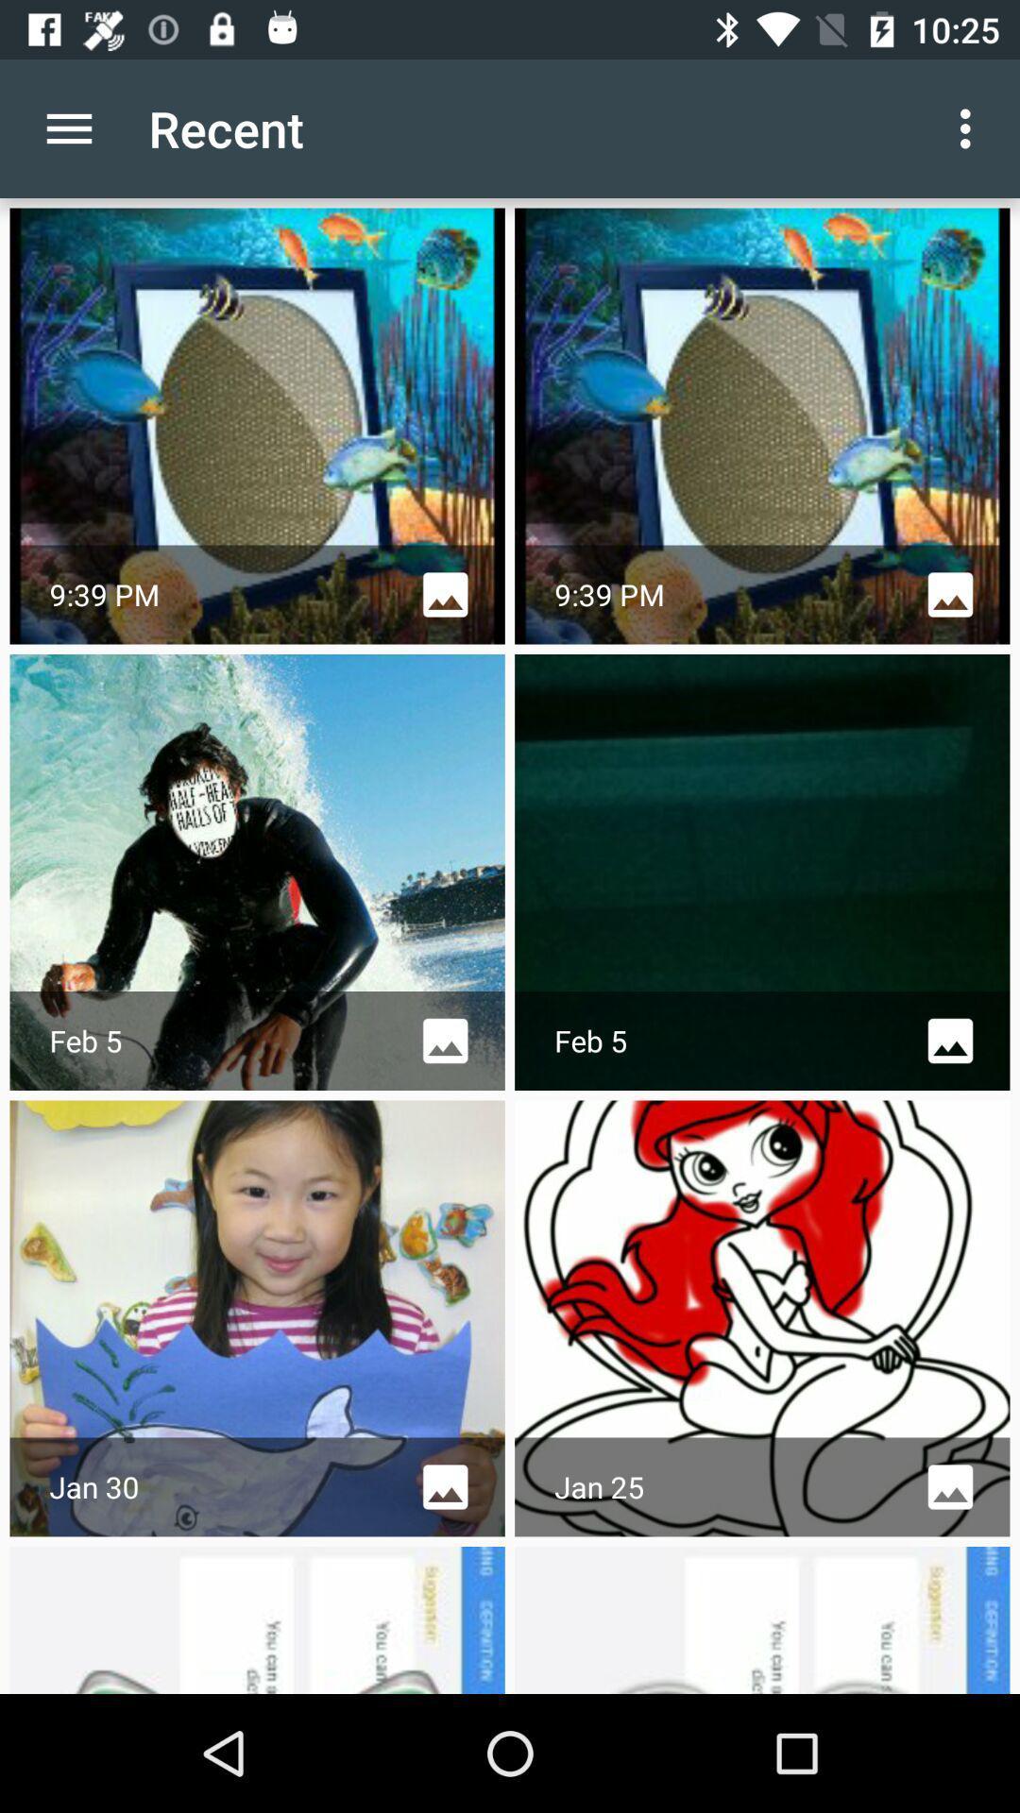 The width and height of the screenshot is (1020, 1813). Describe the element at coordinates (68, 127) in the screenshot. I see `the item to the left of the recent` at that location.